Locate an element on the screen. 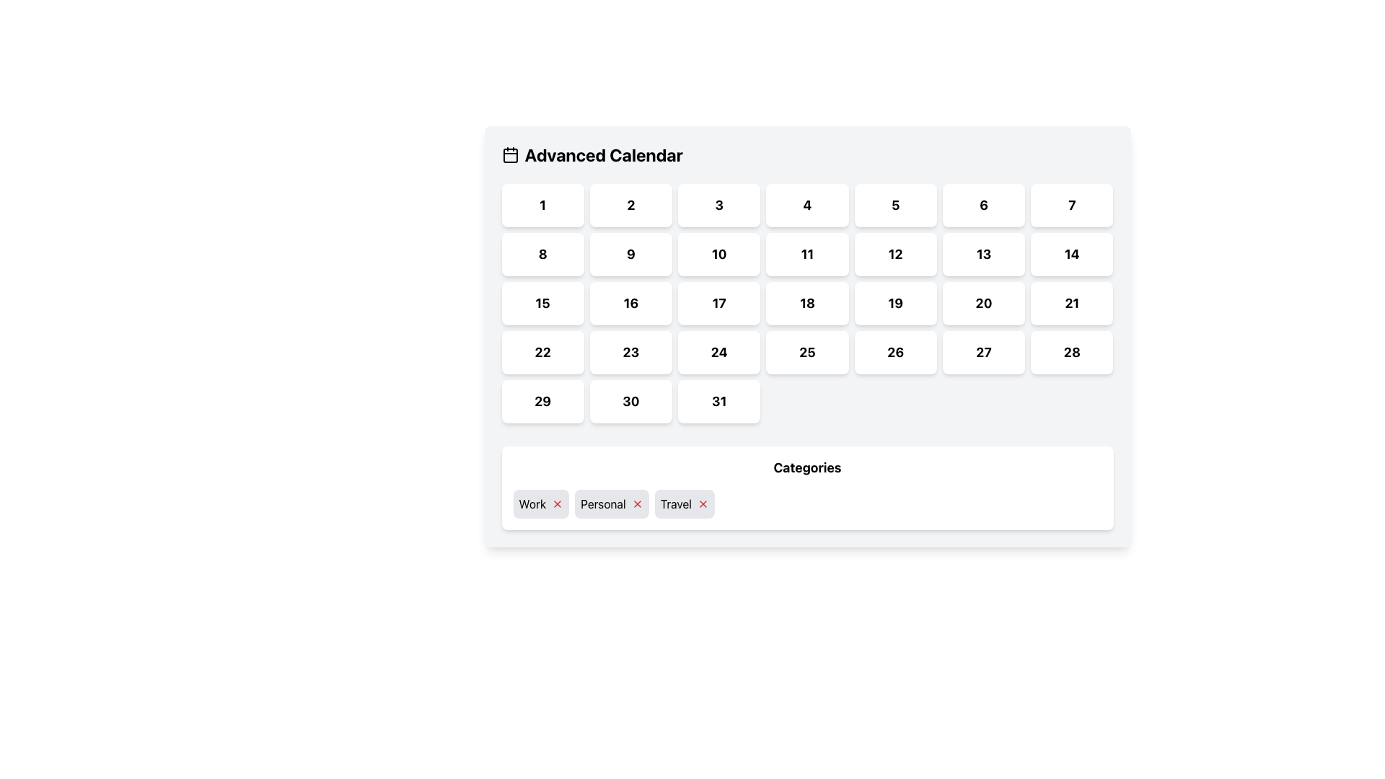  the interactive day block button representing the seventh day in the calendar grid layout is located at coordinates (1072, 206).